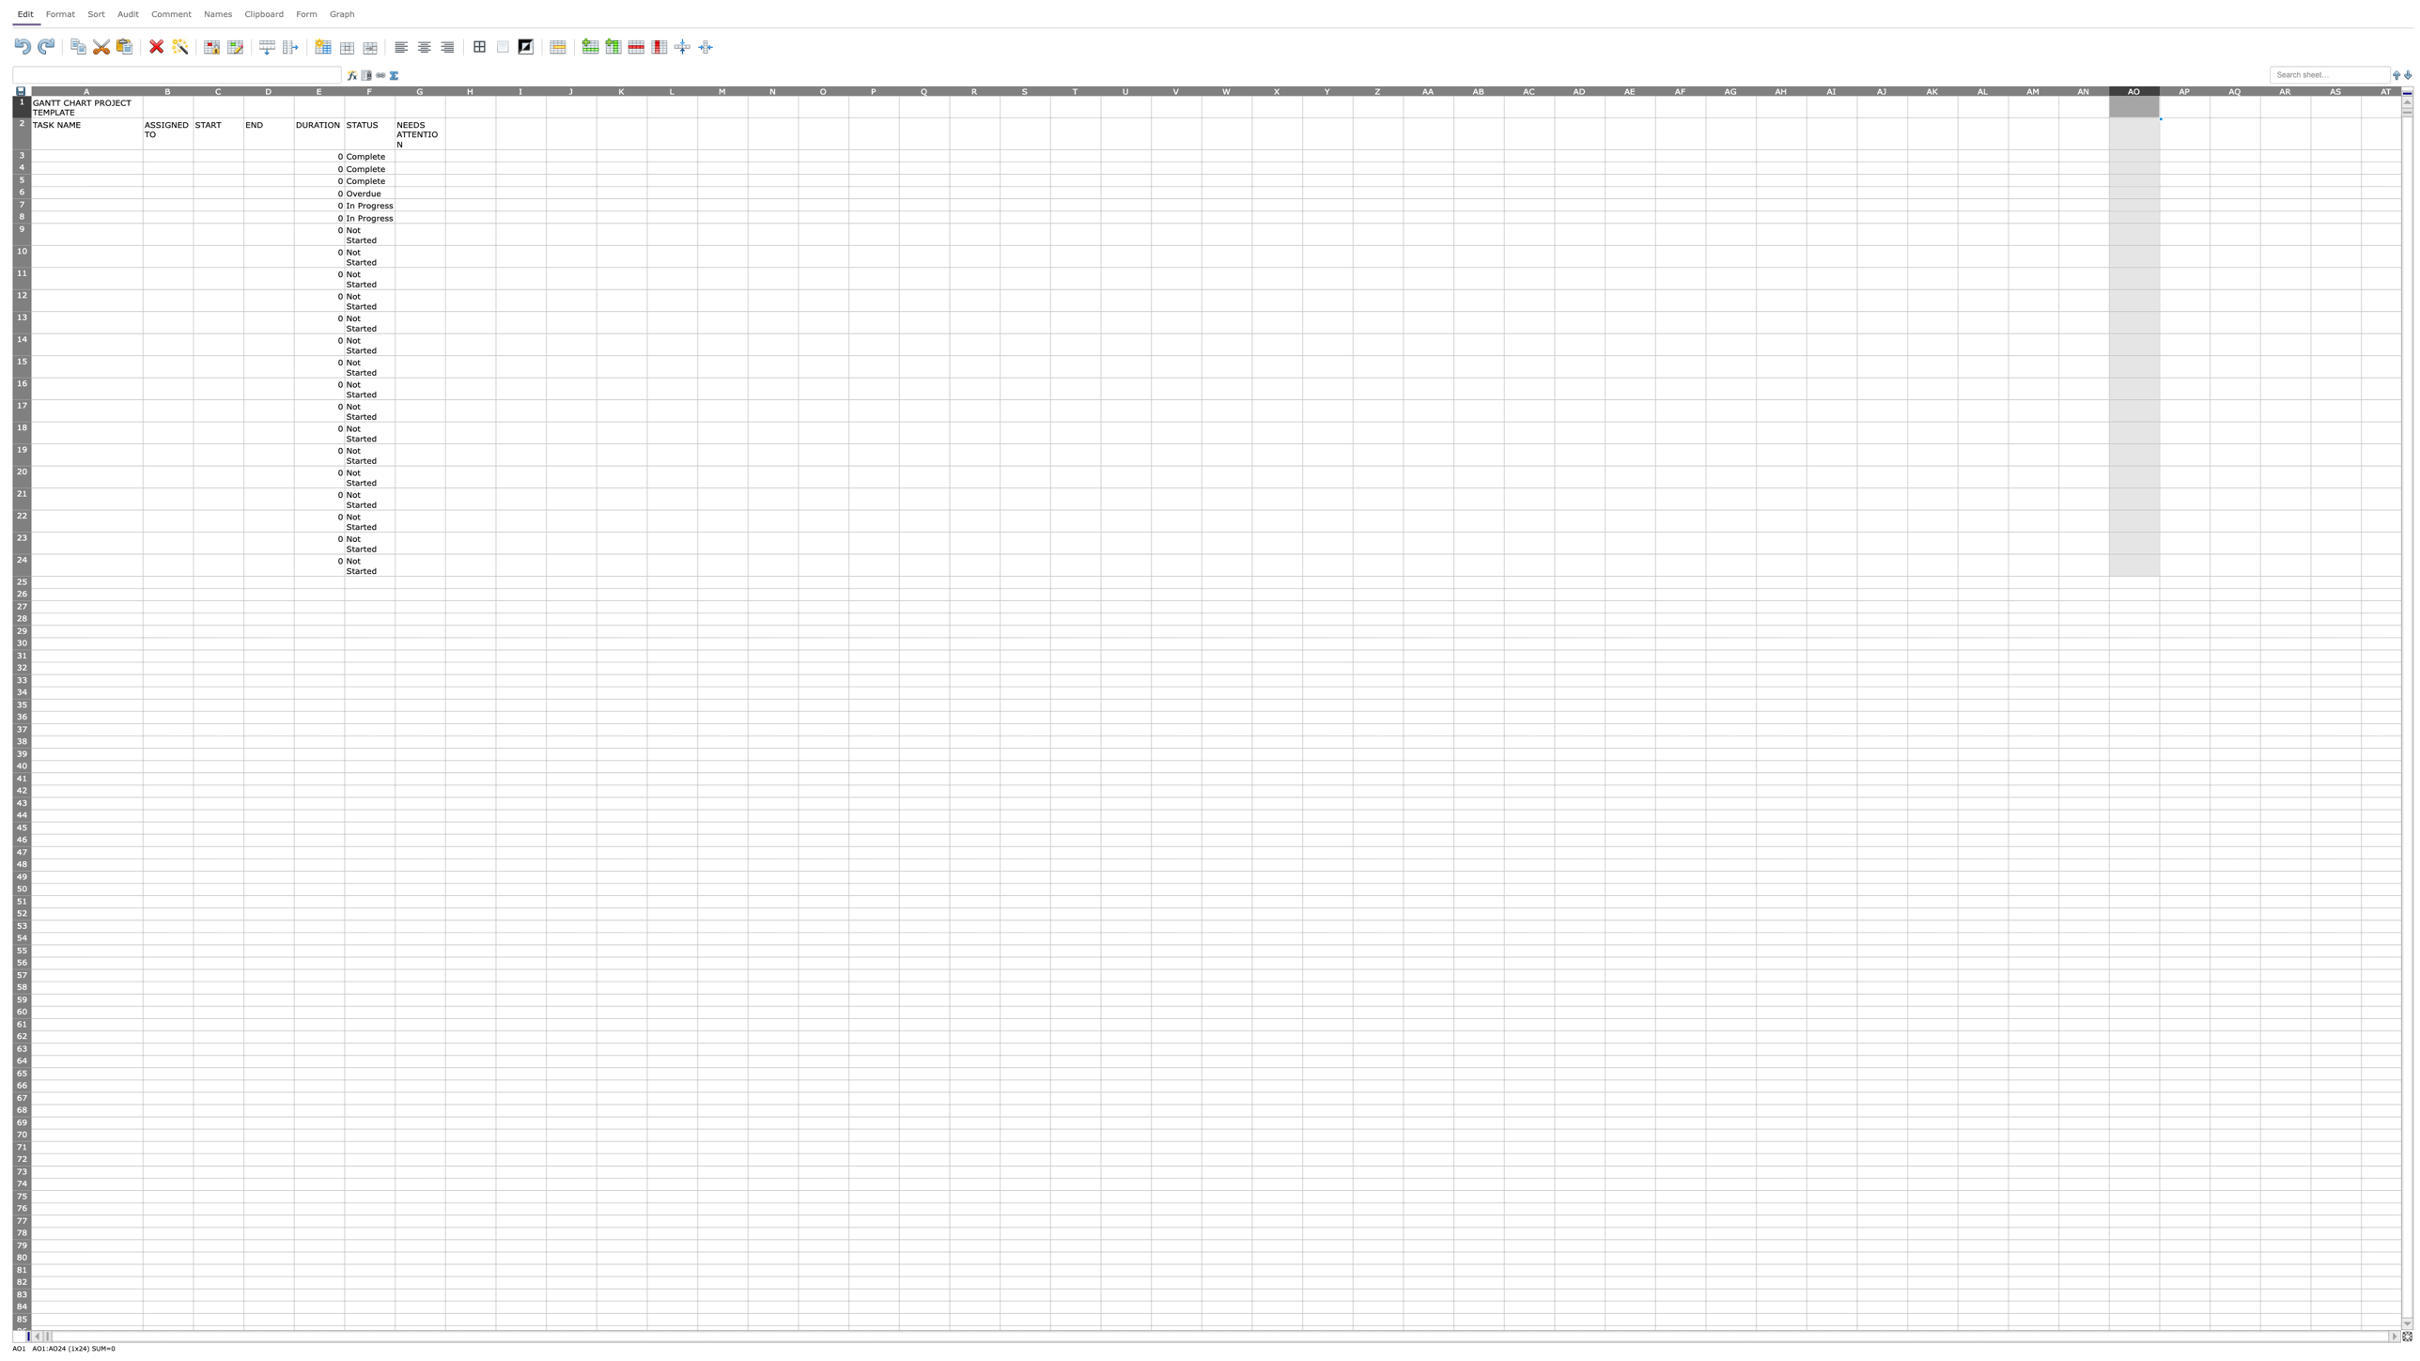 This screenshot has width=2420, height=1361. Describe the element at coordinates (2260, 89) in the screenshot. I see `Move cursor to the right border of column AQ` at that location.